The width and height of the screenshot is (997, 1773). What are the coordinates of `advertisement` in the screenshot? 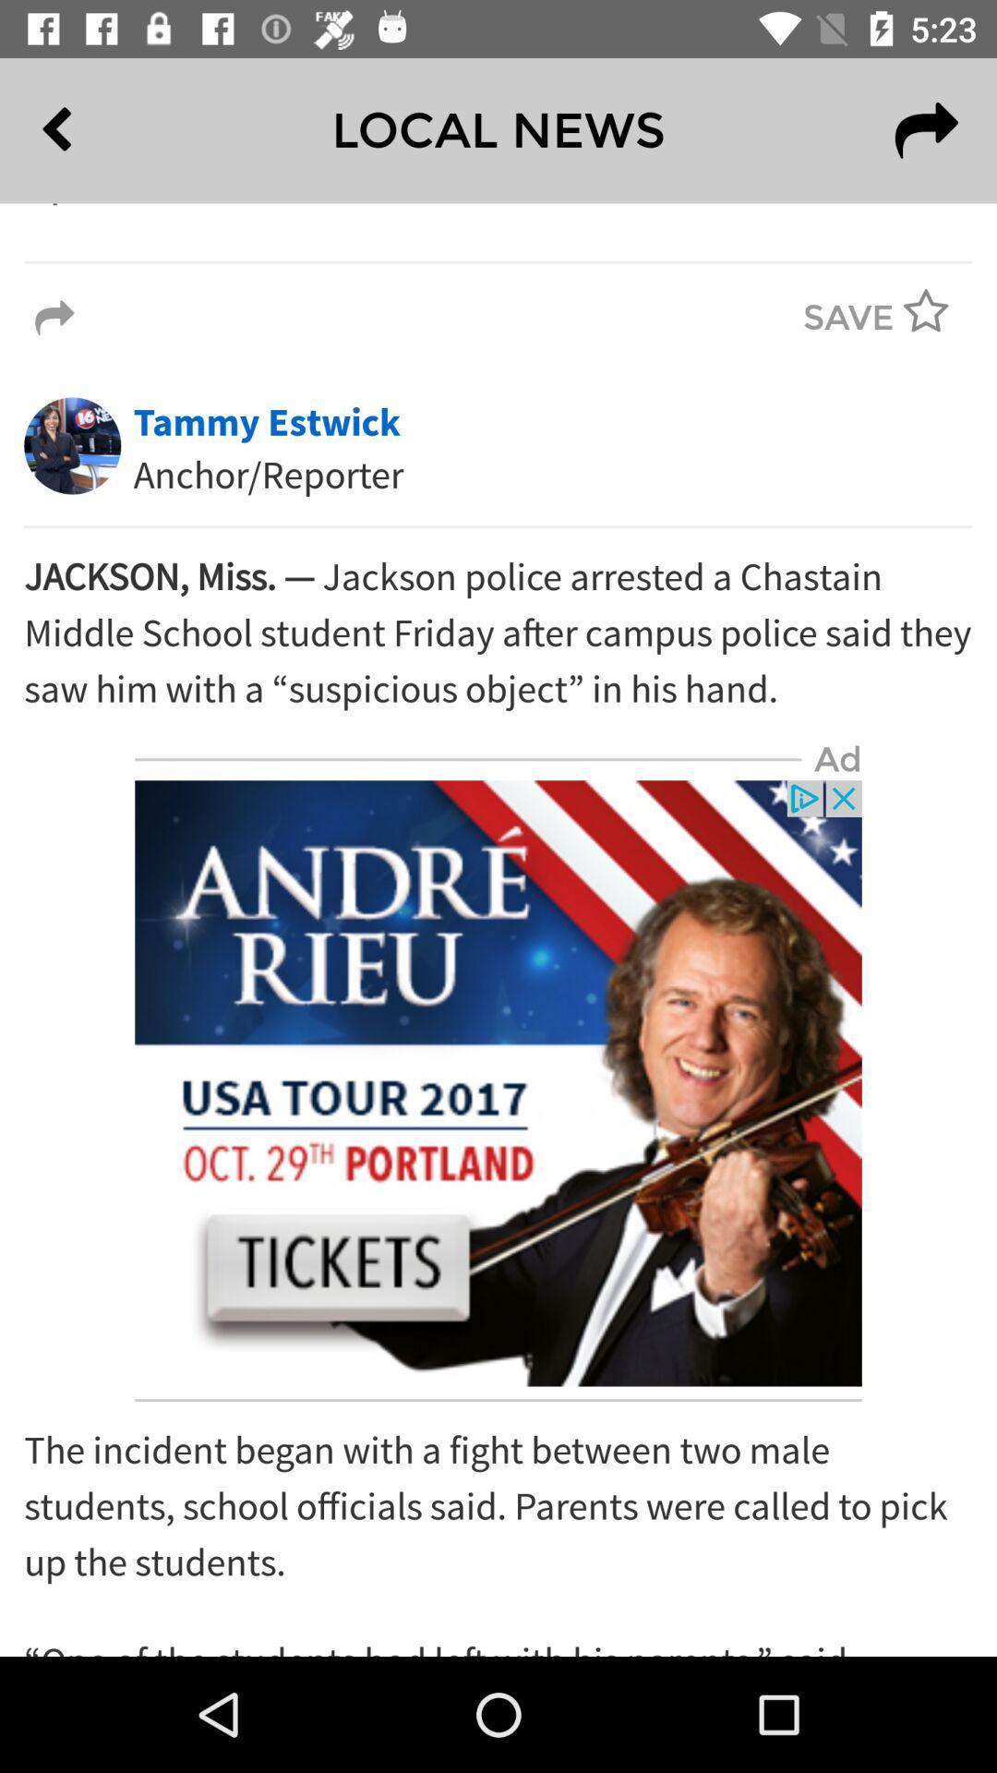 It's located at (498, 1083).